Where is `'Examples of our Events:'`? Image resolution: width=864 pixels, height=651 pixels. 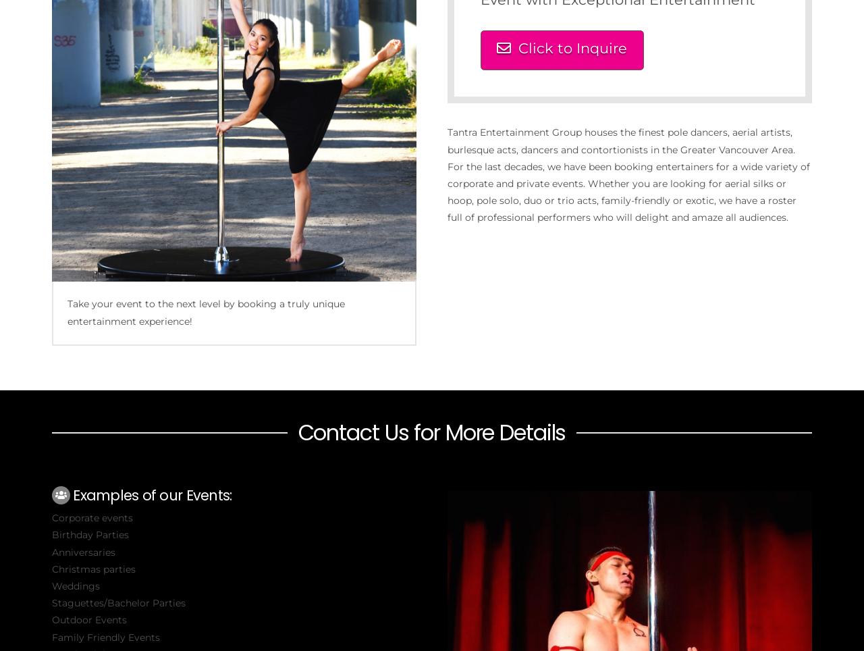 'Examples of our Events:' is located at coordinates (72, 494).